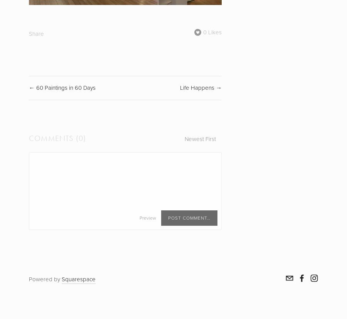 This screenshot has height=319, width=347. I want to click on 'Preview', so click(148, 218).